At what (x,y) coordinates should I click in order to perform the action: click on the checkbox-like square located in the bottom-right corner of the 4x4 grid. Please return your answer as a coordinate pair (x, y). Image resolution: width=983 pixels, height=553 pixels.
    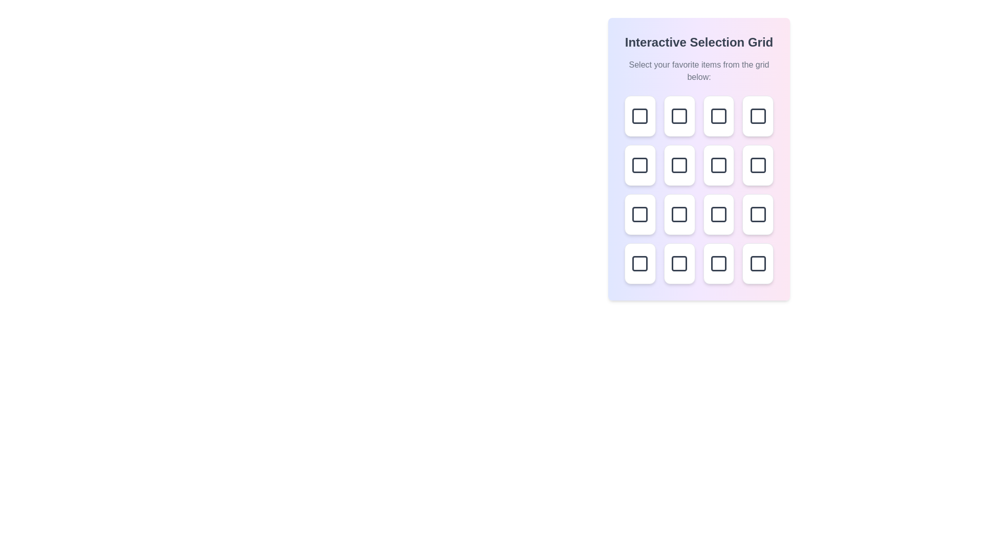
    Looking at the image, I should click on (758, 263).